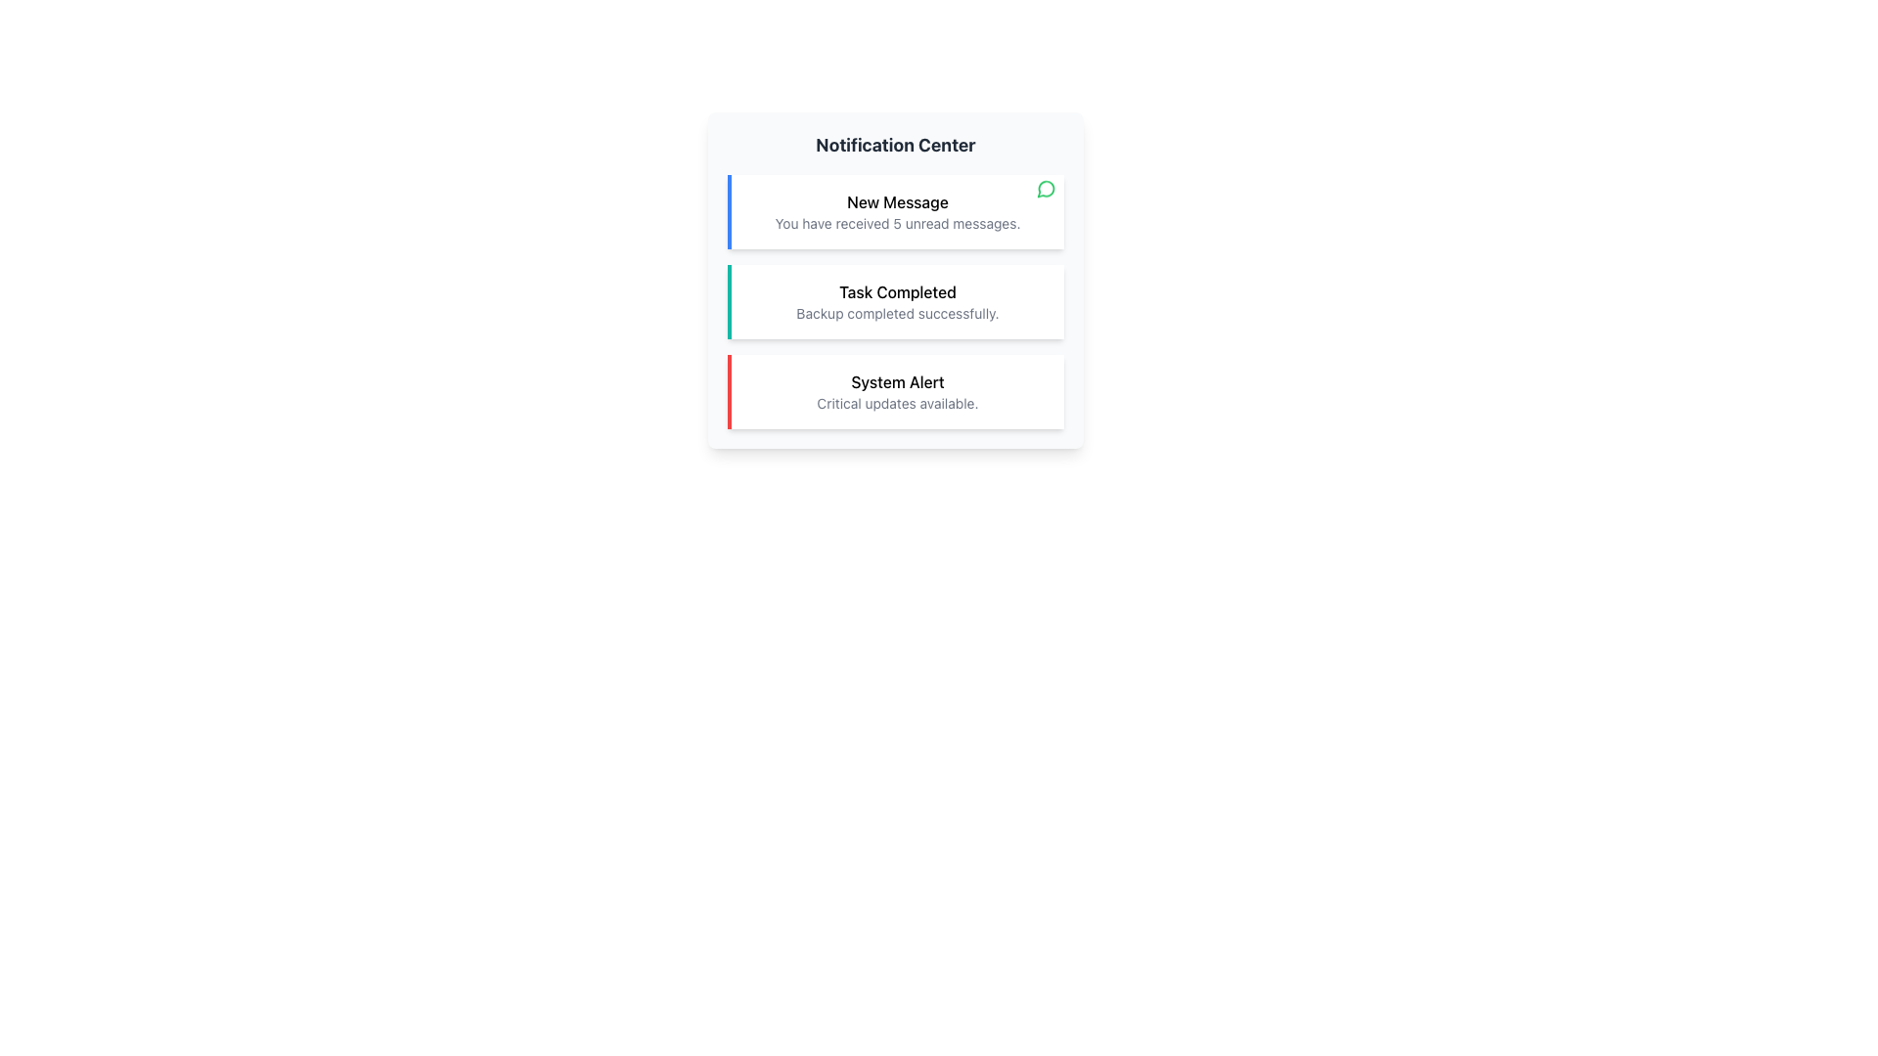 The image size is (1878, 1056). What do you see at coordinates (896, 292) in the screenshot?
I see `the content of the text label that states 'Task Completed', which is prominently displayed in black on a white background in the middle notification card` at bounding box center [896, 292].